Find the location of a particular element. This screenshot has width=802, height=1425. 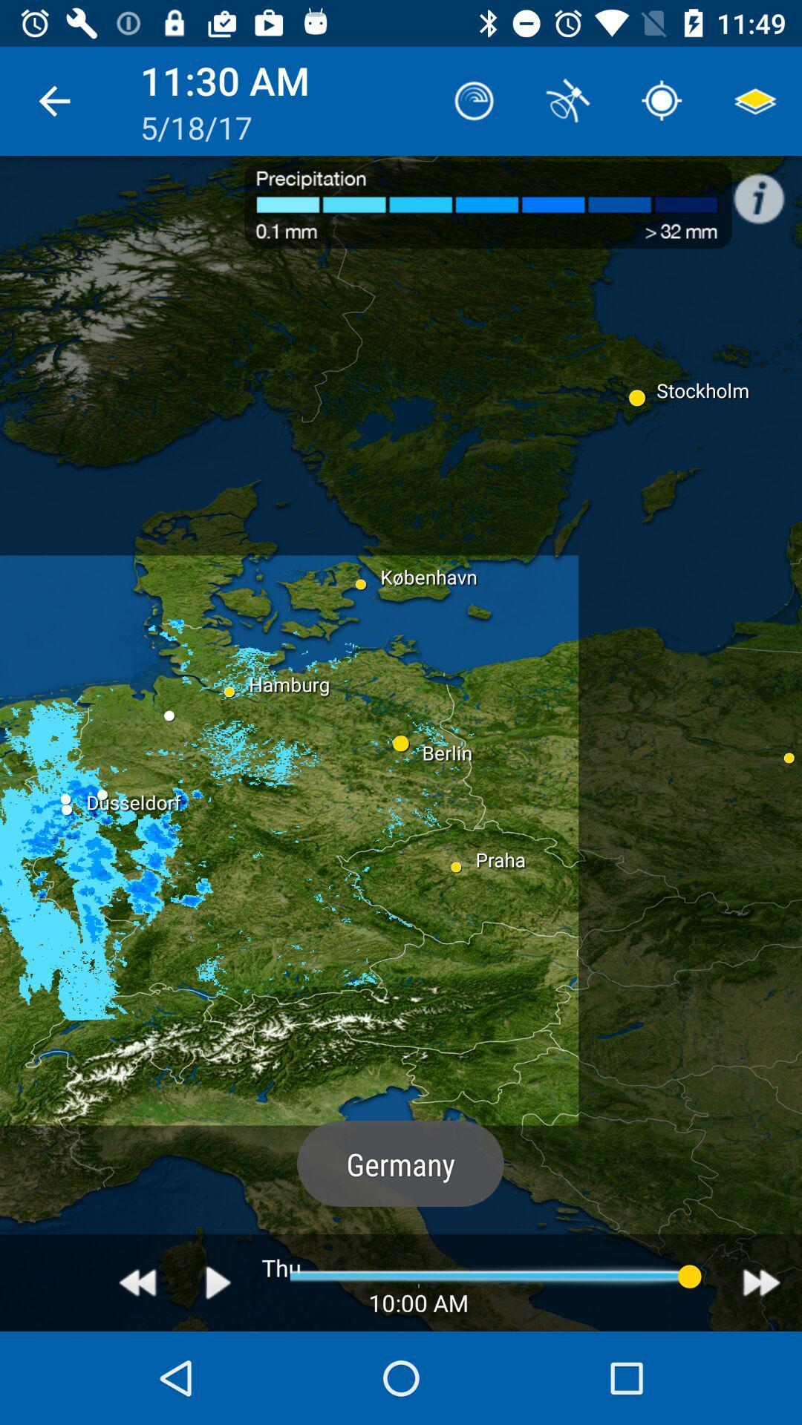

start time-lapse is located at coordinates (218, 1282).